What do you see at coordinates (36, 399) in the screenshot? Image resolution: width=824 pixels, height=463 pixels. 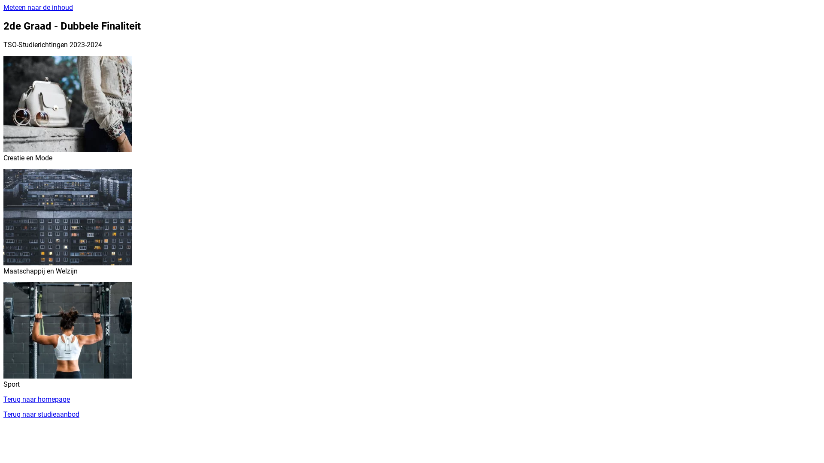 I see `'Terug naar homepage'` at bounding box center [36, 399].